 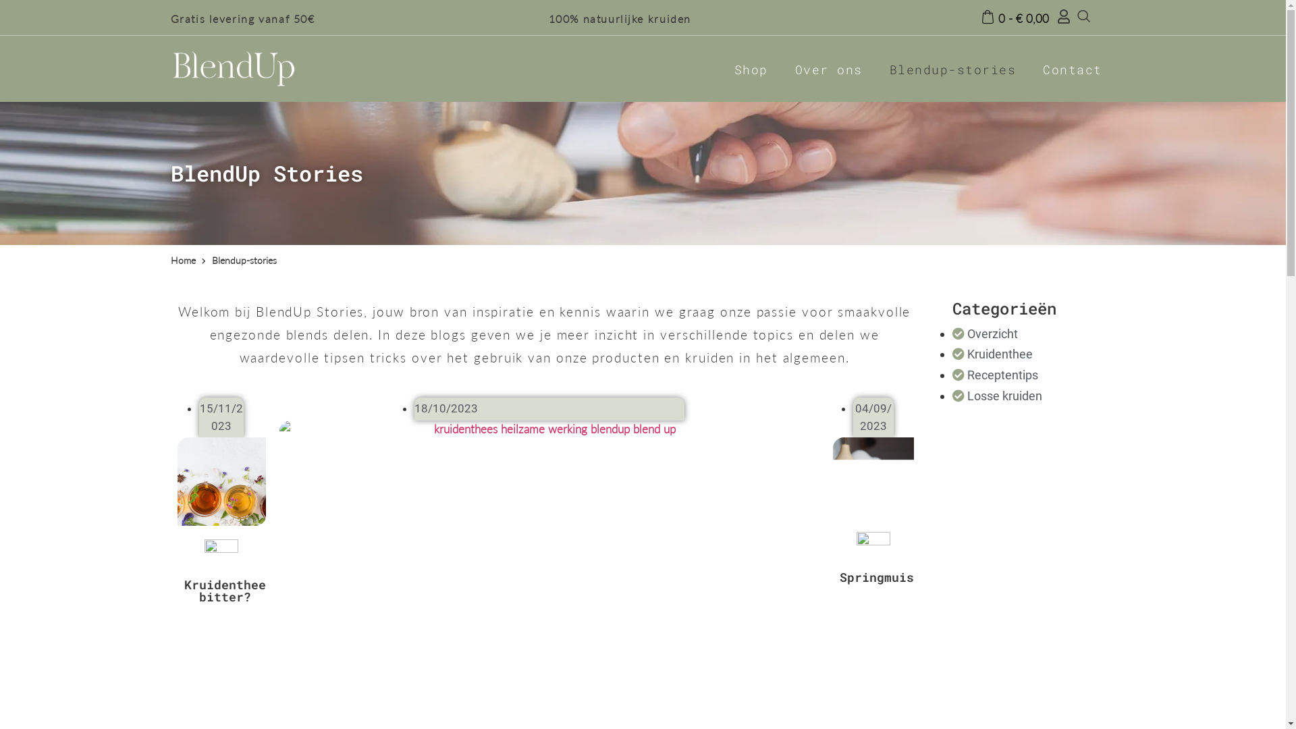 What do you see at coordinates (877, 577) in the screenshot?
I see `'Springmuis'` at bounding box center [877, 577].